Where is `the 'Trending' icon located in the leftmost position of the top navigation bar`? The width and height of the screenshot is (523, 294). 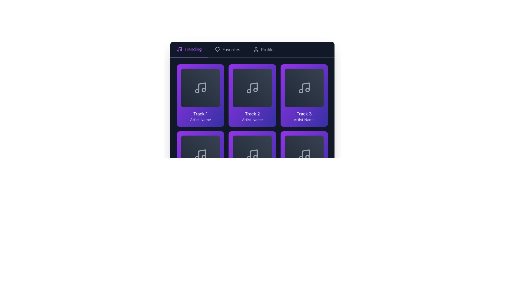
the 'Trending' icon located in the leftmost position of the top navigation bar is located at coordinates (179, 49).